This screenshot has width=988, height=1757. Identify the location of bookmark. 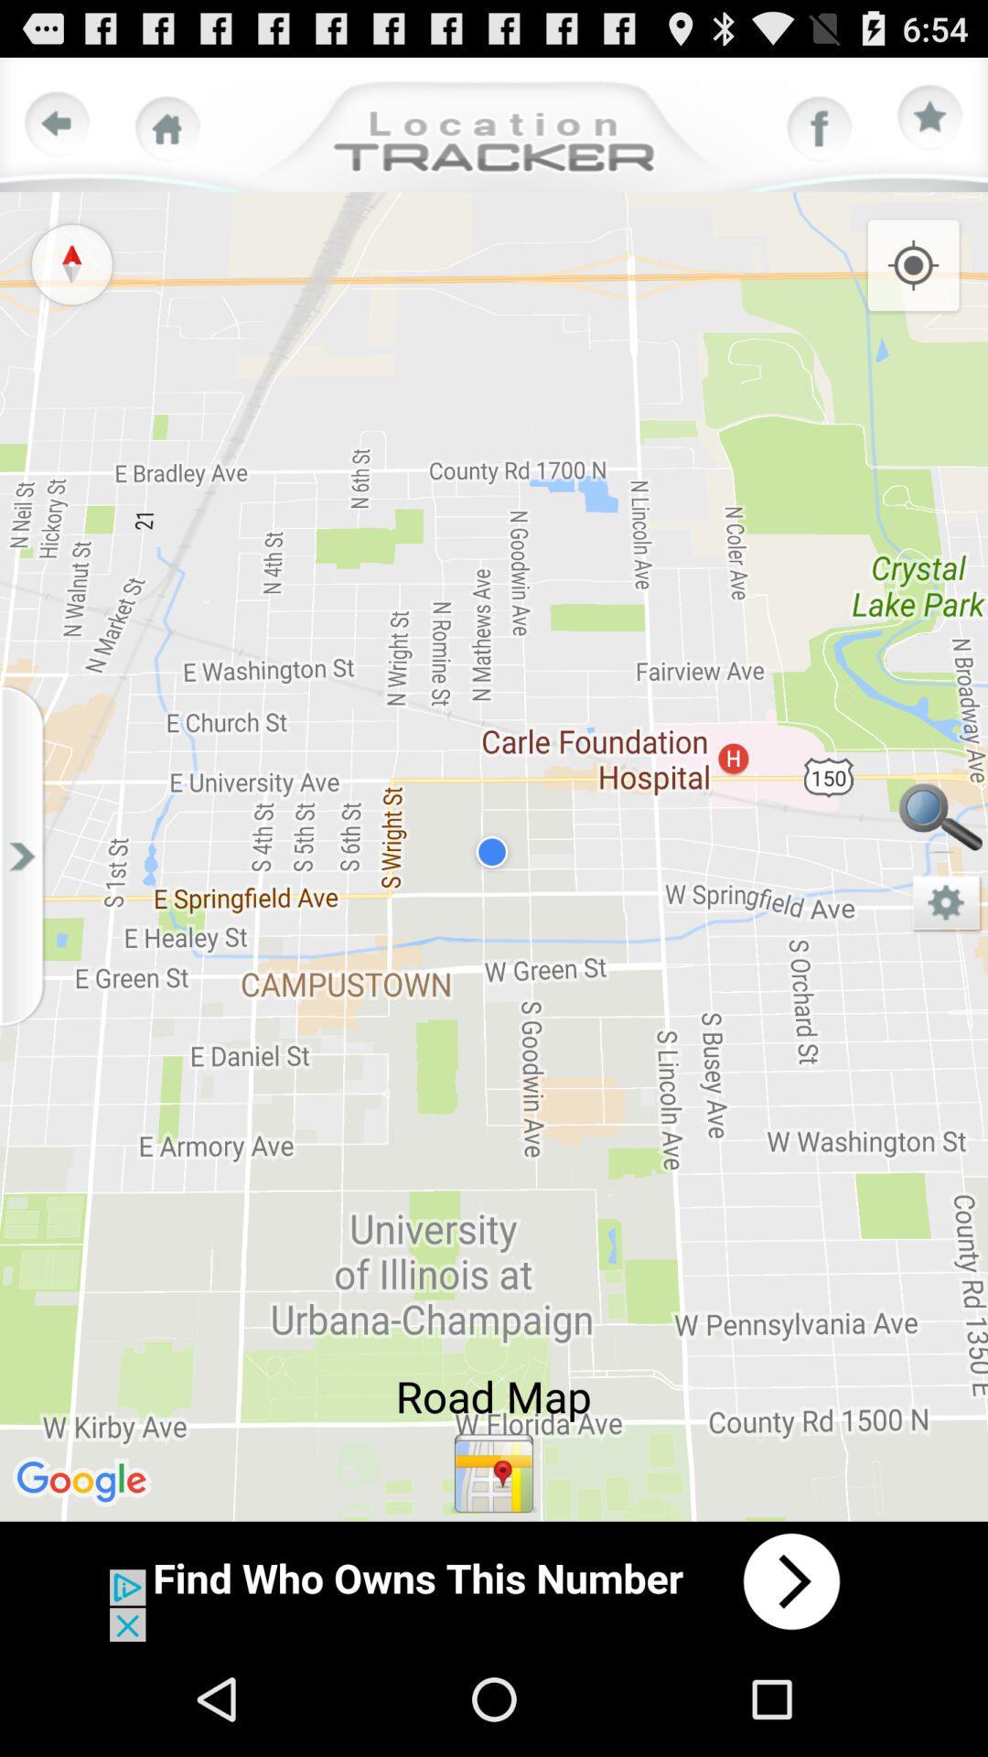
(930, 117).